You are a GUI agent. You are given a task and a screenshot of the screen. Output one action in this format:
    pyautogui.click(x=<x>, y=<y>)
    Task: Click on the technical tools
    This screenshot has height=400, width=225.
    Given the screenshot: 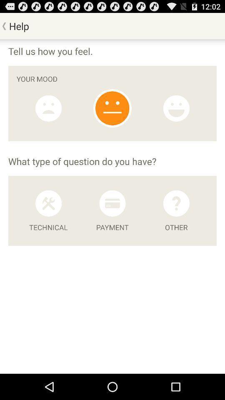 What is the action you would take?
    pyautogui.click(x=48, y=203)
    